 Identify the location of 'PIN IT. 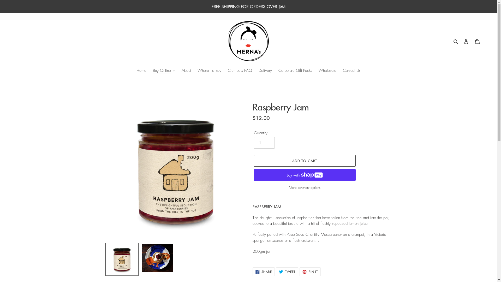
(299, 272).